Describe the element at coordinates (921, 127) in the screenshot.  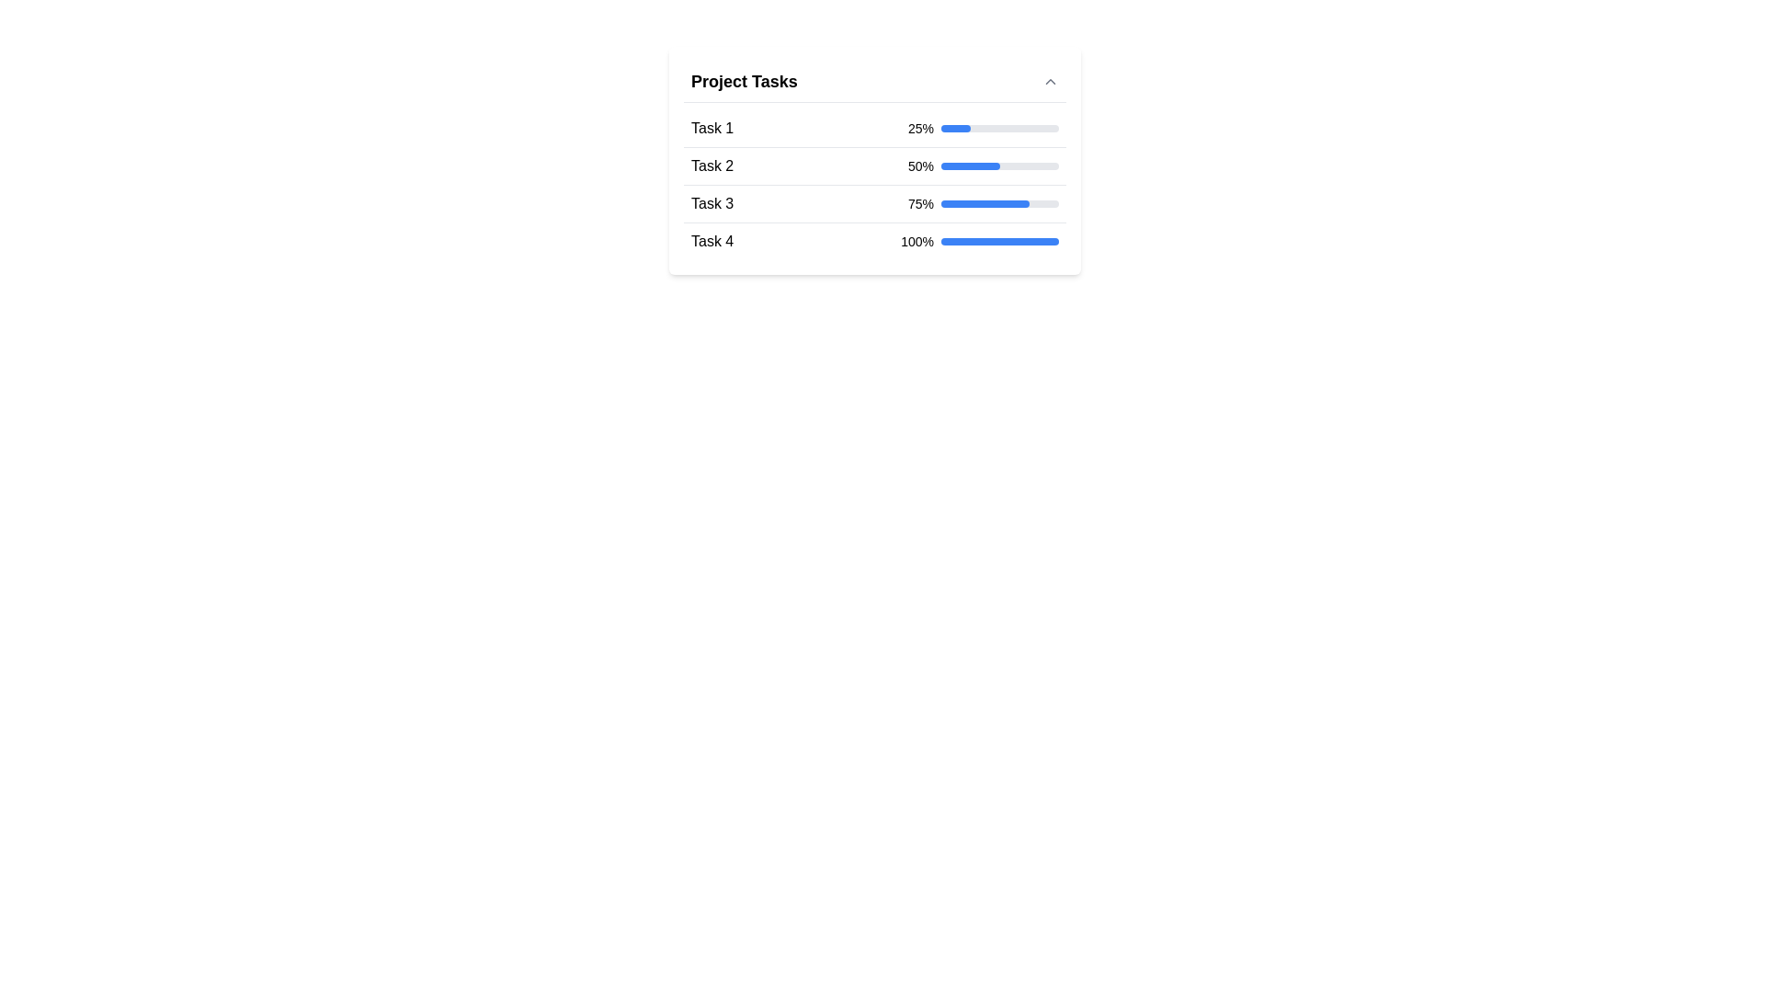
I see `the static text displaying '25%' in the top left section of the first task in the progress tracking interface` at that location.